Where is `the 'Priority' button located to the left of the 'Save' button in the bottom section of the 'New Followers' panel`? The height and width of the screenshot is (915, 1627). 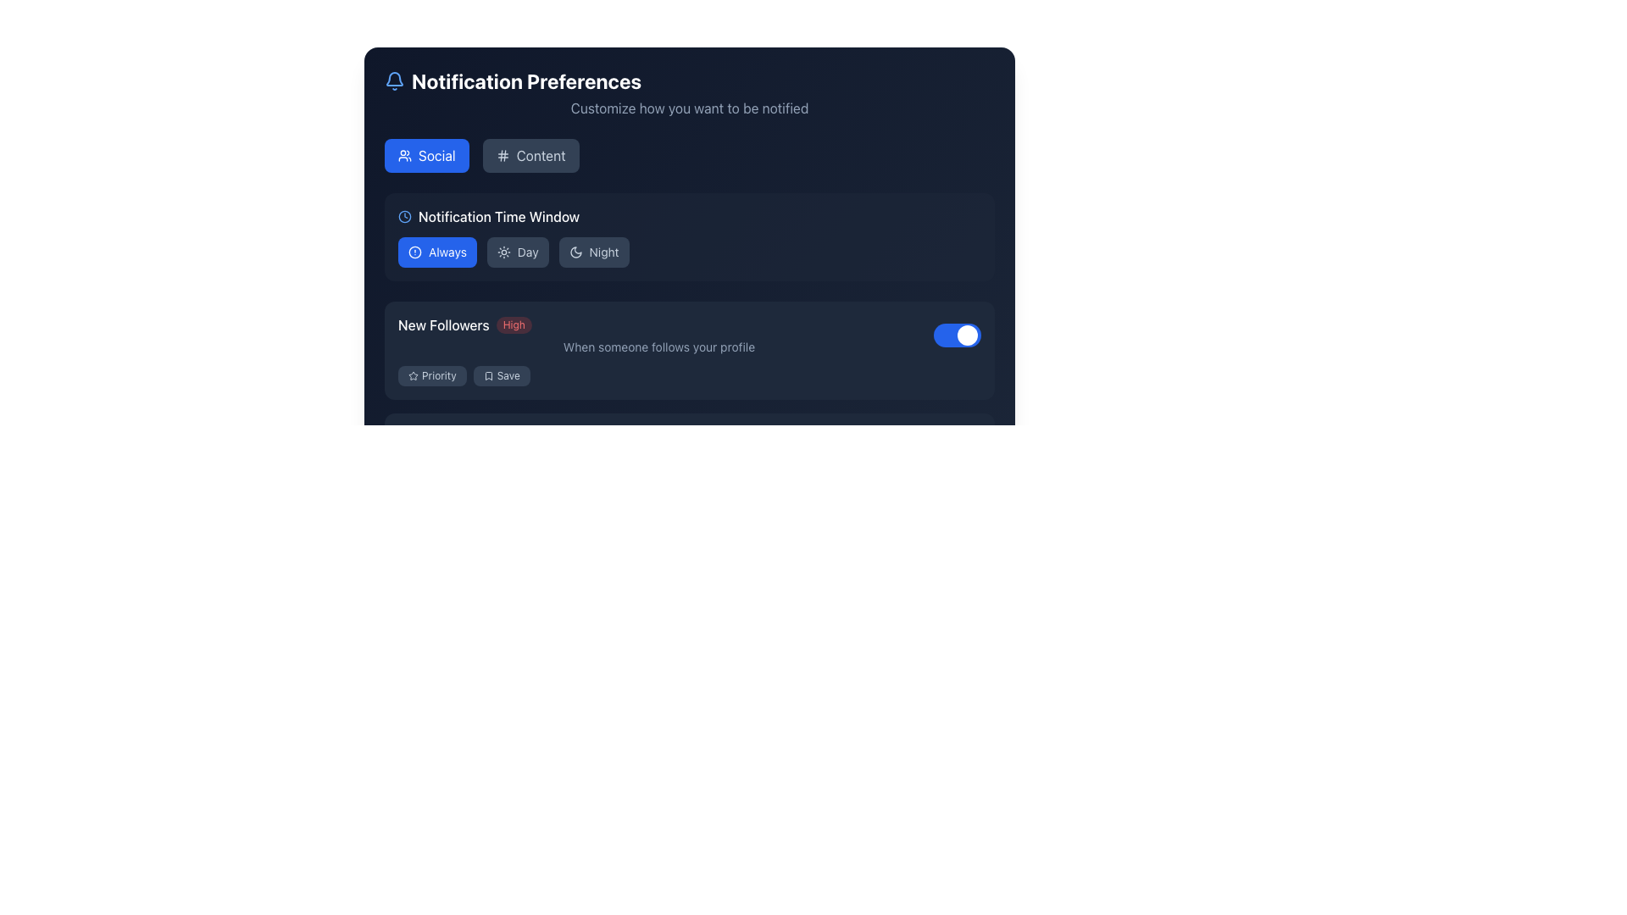 the 'Priority' button located to the left of the 'Save' button in the bottom section of the 'New Followers' panel is located at coordinates (432, 374).